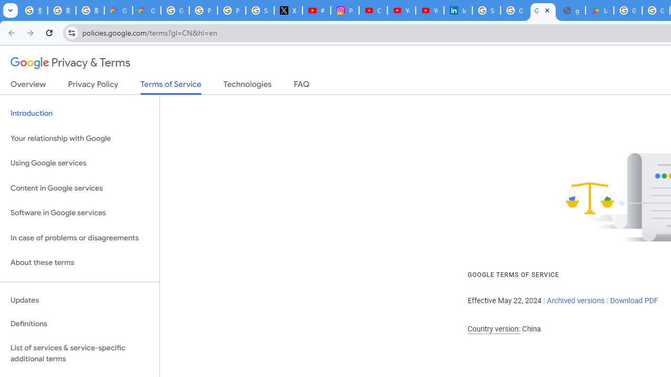  I want to click on 'Content in Google services', so click(79, 187).